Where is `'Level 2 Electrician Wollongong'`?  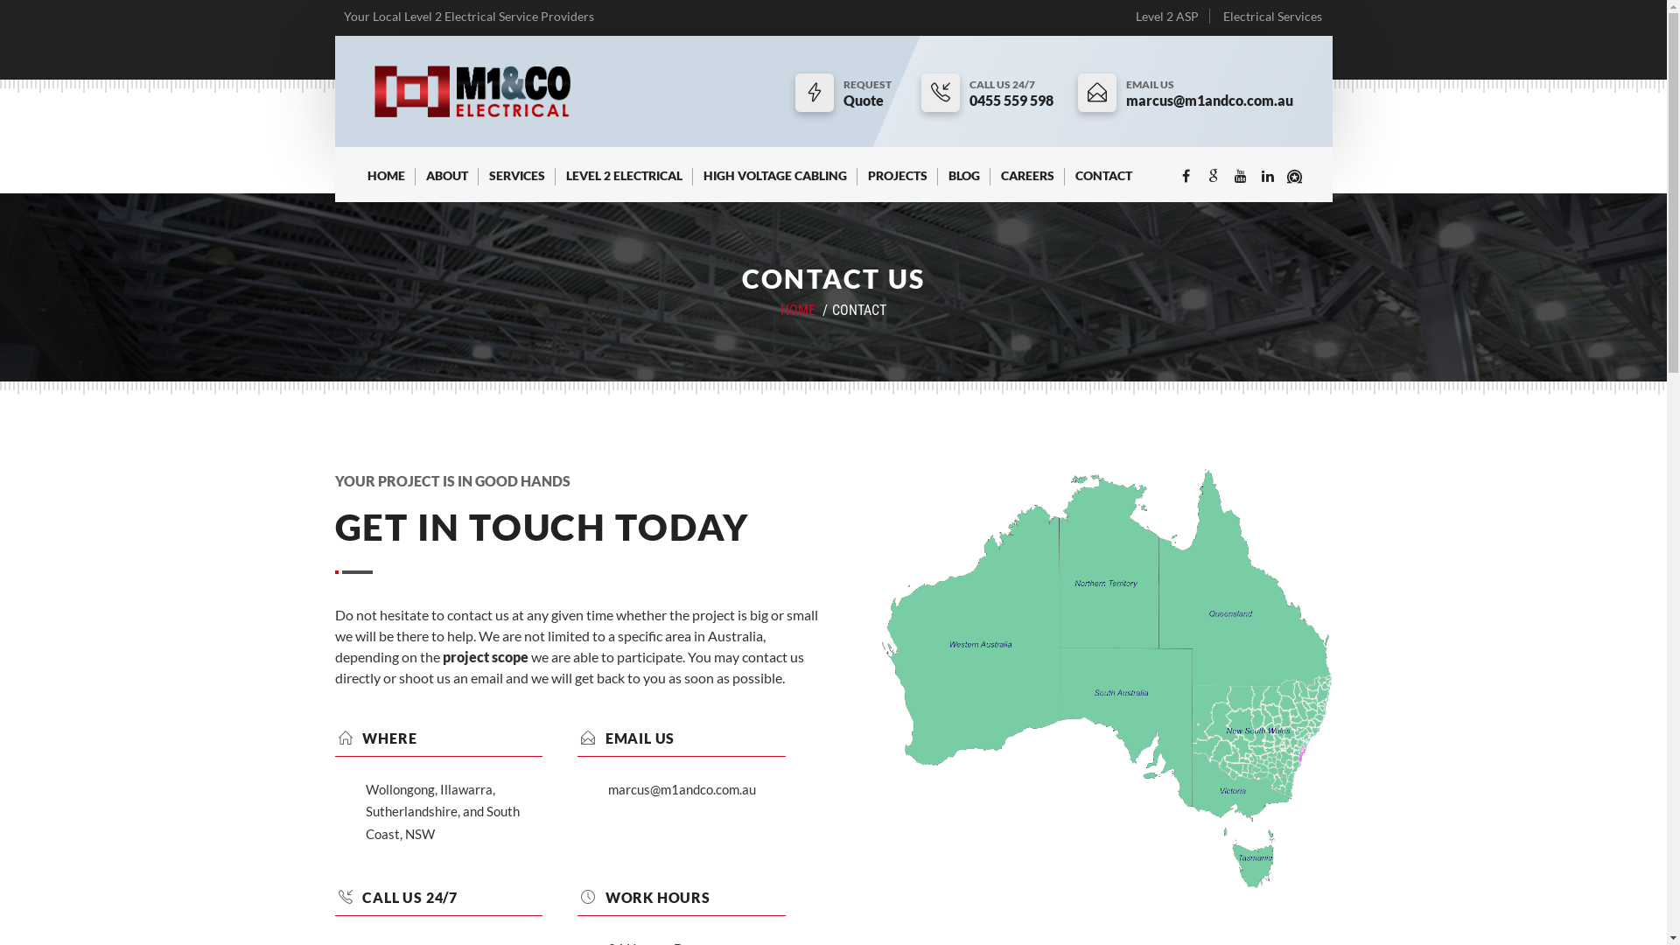 'Level 2 Electrician Wollongong' is located at coordinates (472, 91).